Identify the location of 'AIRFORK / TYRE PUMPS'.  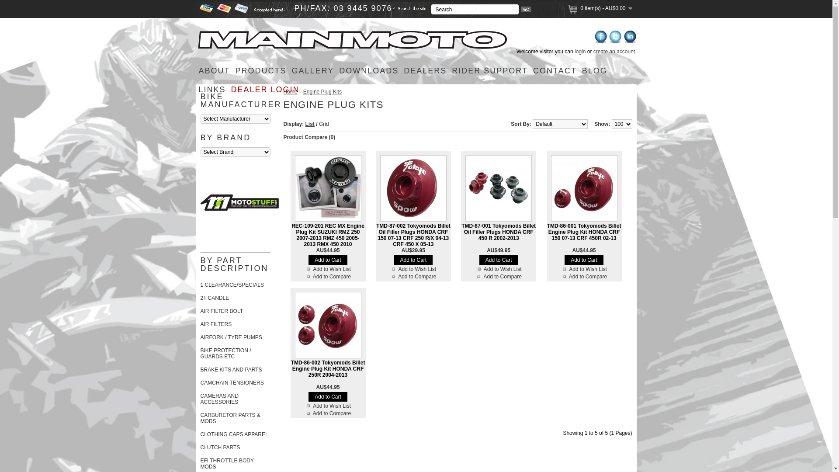
(231, 337).